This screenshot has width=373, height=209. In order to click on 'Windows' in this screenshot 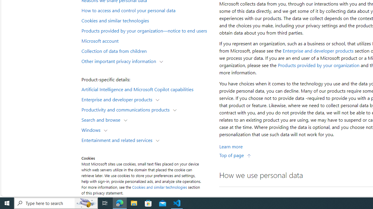, I will do `click(92, 129)`.